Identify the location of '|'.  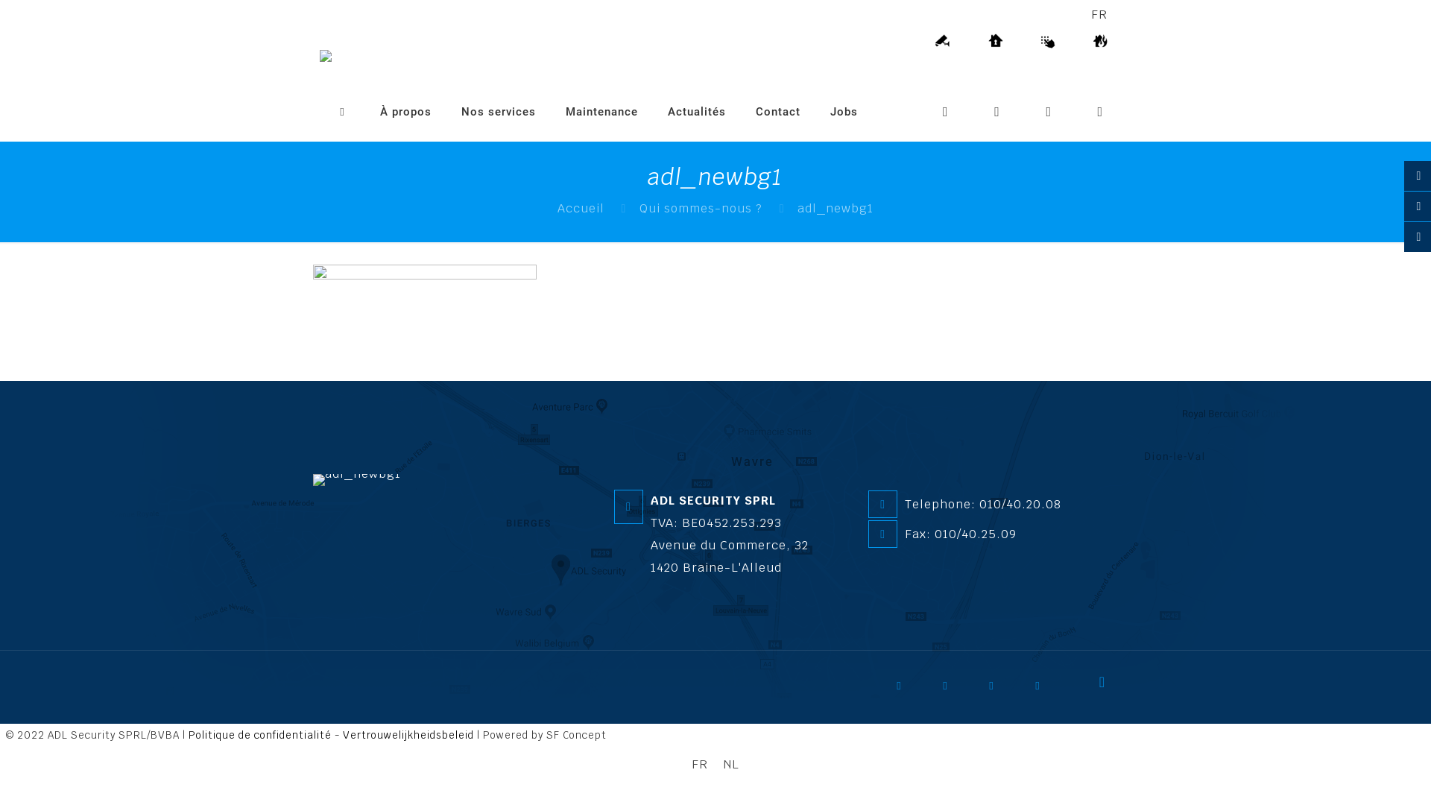
(0, 734).